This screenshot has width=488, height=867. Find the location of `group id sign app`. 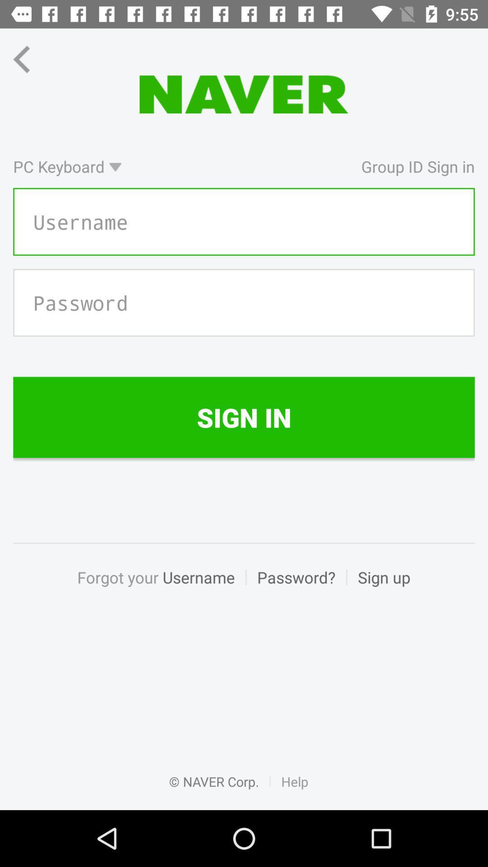

group id sign app is located at coordinates (303, 166).